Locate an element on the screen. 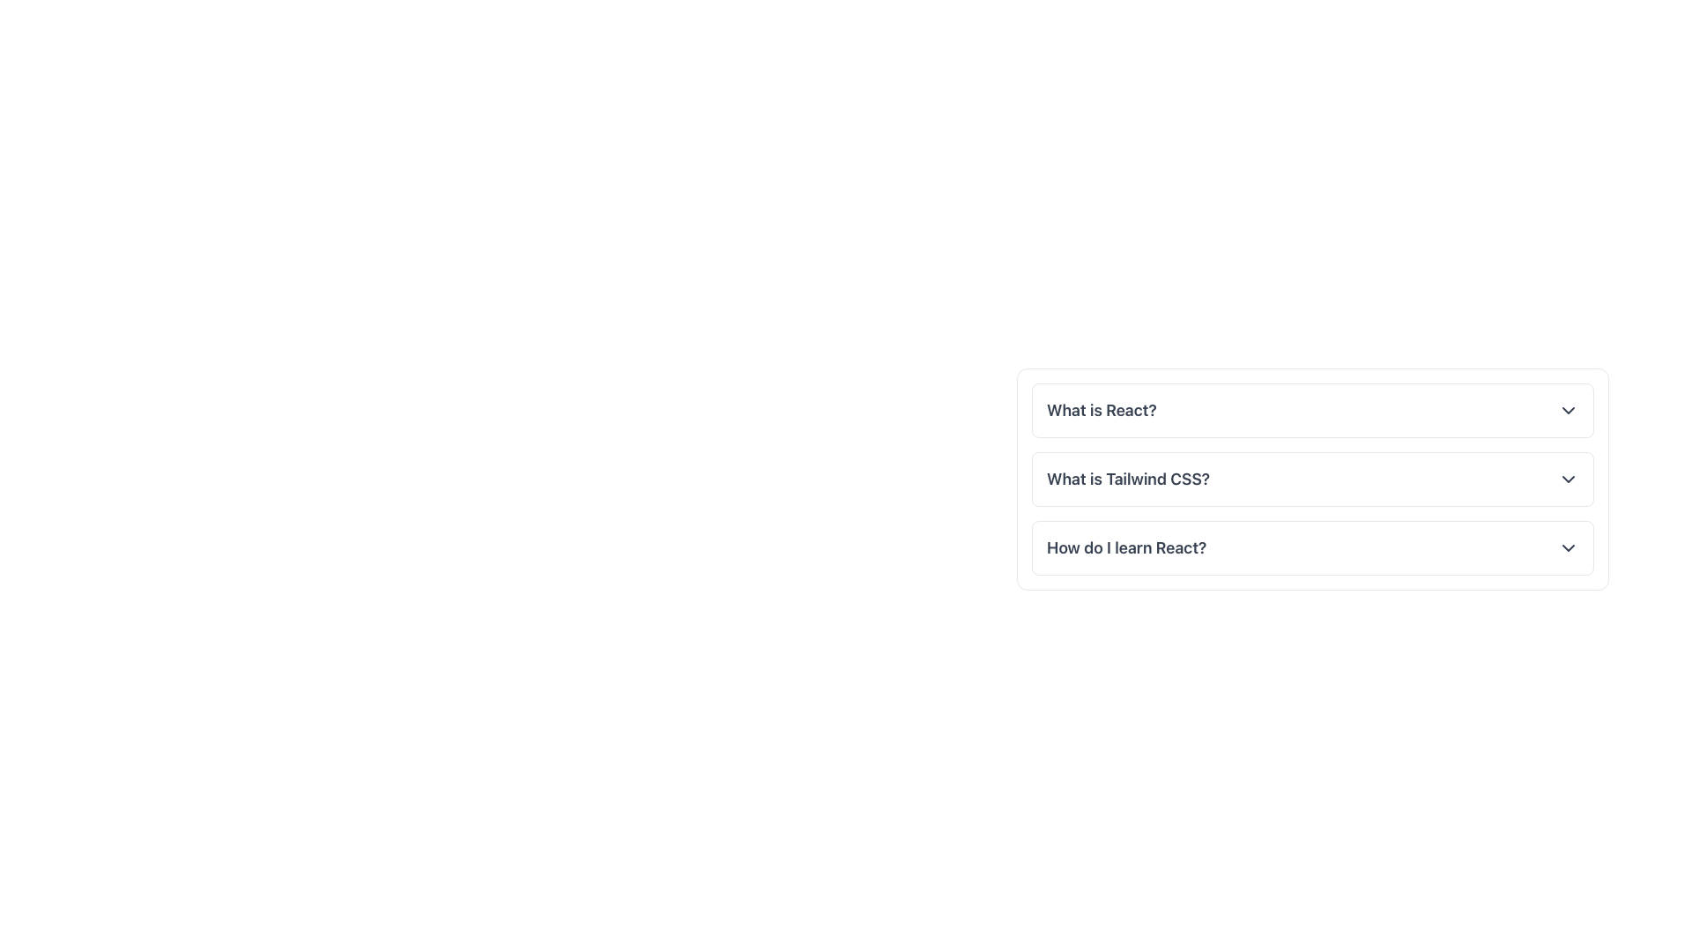  the chevron-down icon located at the far-right end of the list item labeled 'What is Tailwind CSS?' is located at coordinates (1569, 479).